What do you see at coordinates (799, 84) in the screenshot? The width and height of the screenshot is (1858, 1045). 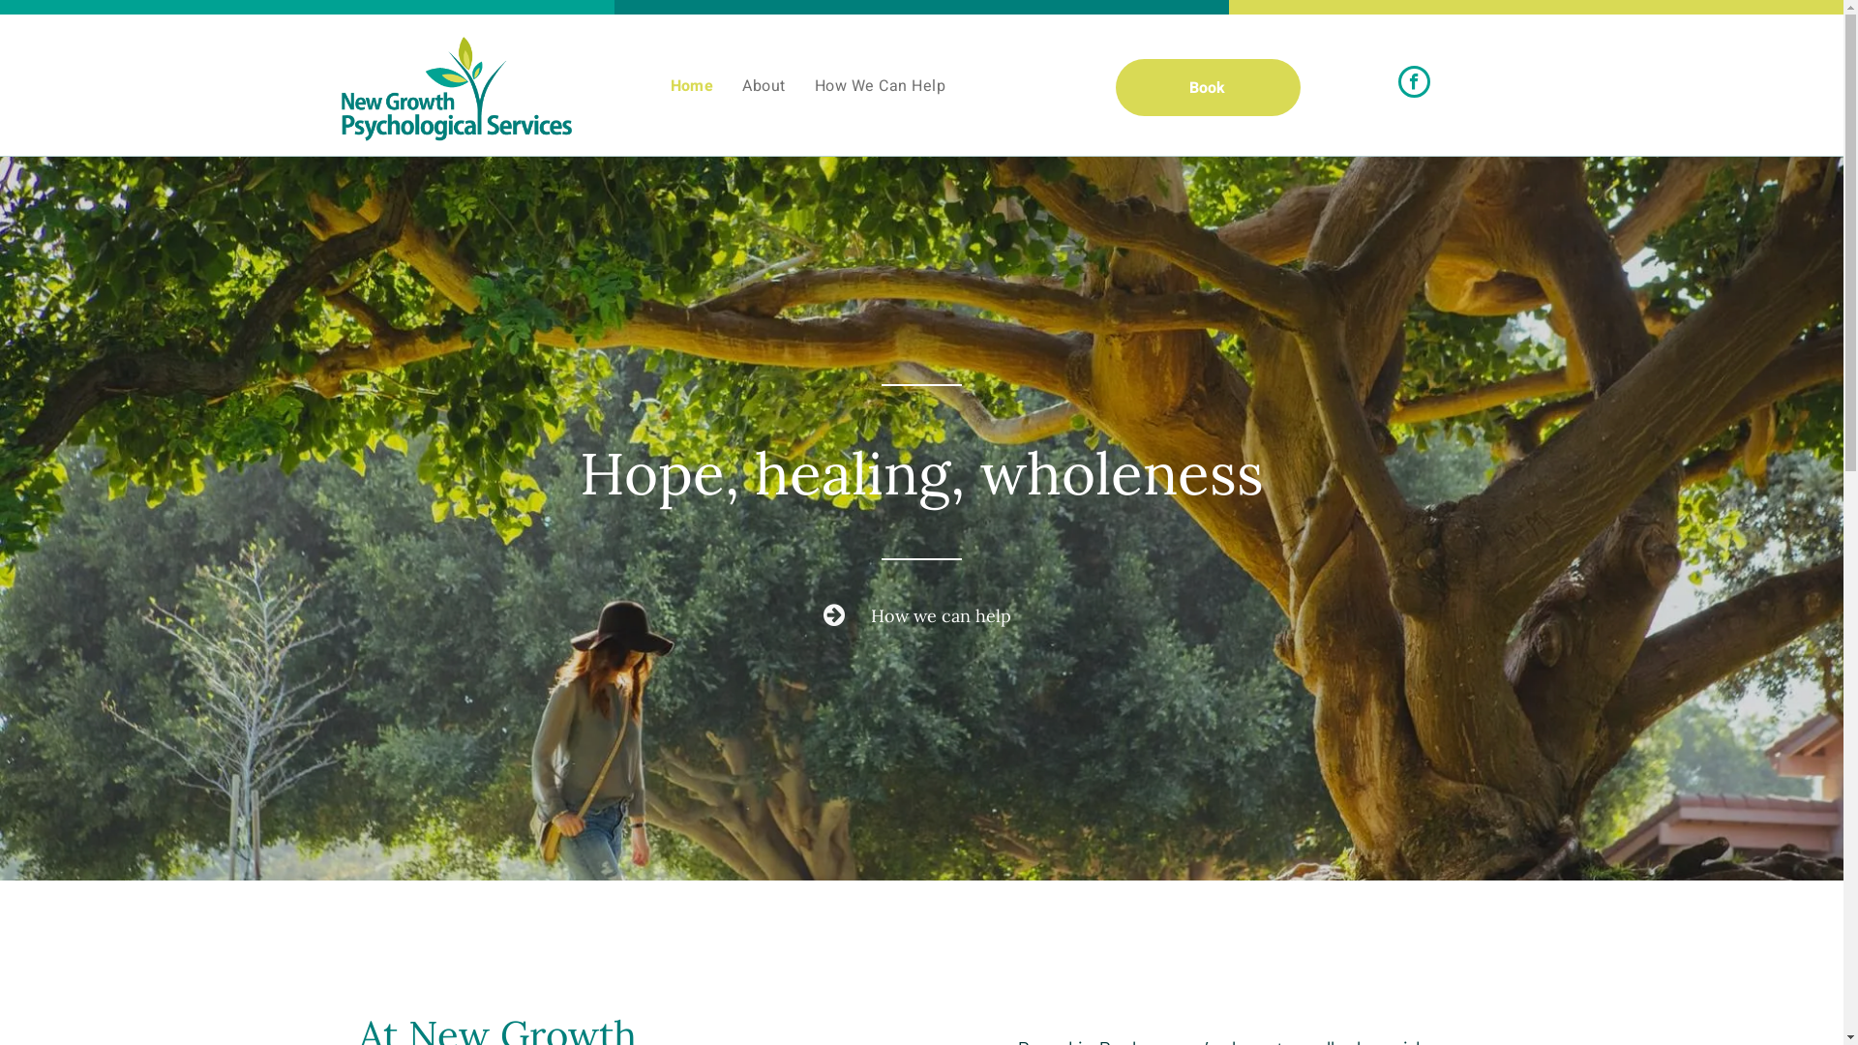 I see `'How We Can Help'` at bounding box center [799, 84].